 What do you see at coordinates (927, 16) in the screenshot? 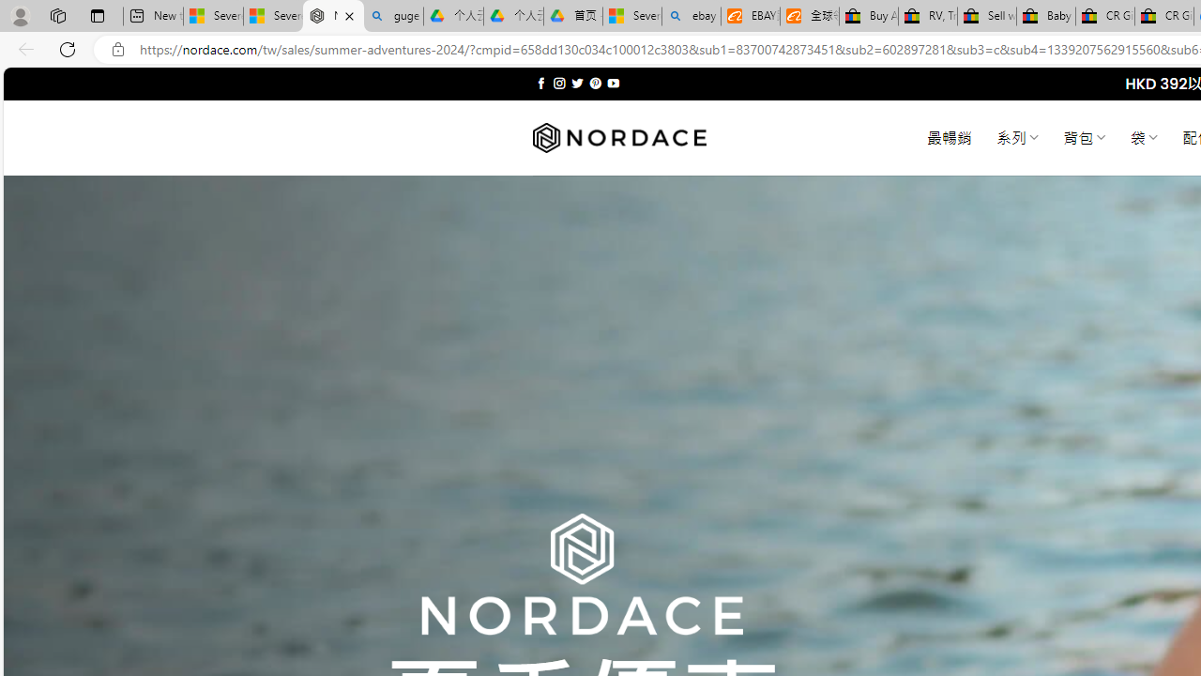
I see `'RV, Trailer & Camper Steps & Ladders for sale | eBay'` at bounding box center [927, 16].